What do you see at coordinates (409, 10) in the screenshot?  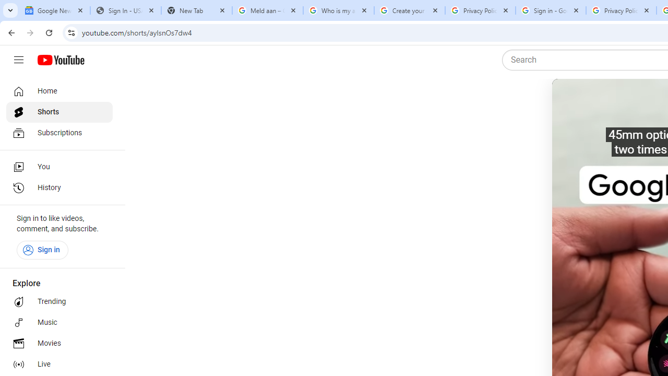 I see `'Create your Google Account'` at bounding box center [409, 10].